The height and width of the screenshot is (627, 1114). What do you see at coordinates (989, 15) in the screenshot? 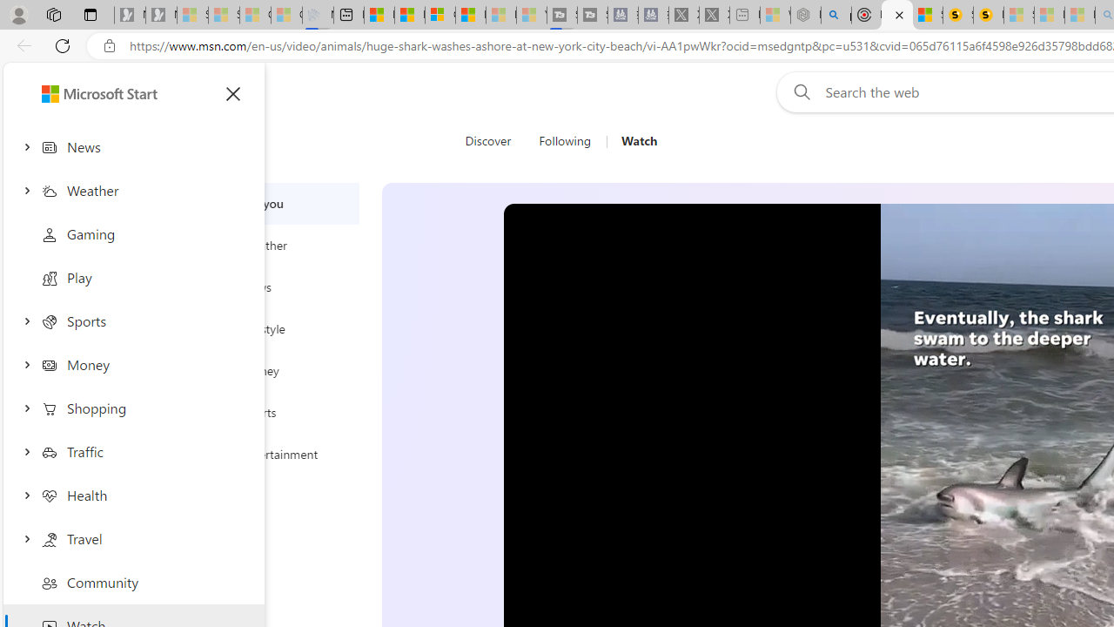
I see `'Michelle Starr, Senior Journalist at ScienceAlert'` at bounding box center [989, 15].